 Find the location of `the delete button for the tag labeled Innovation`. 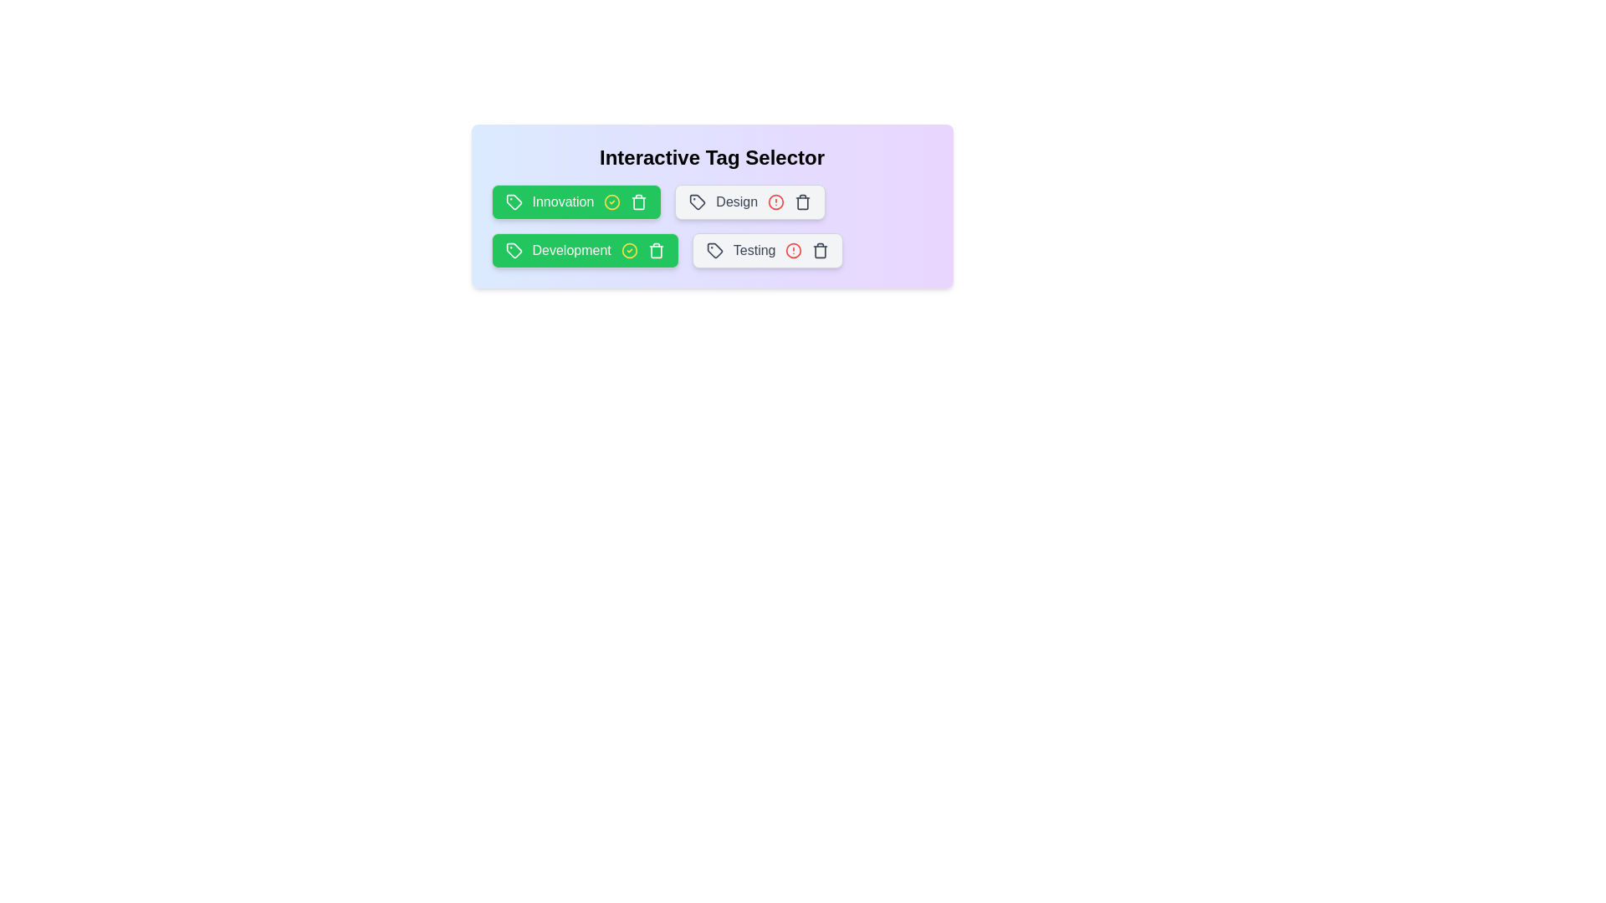

the delete button for the tag labeled Innovation is located at coordinates (638, 202).